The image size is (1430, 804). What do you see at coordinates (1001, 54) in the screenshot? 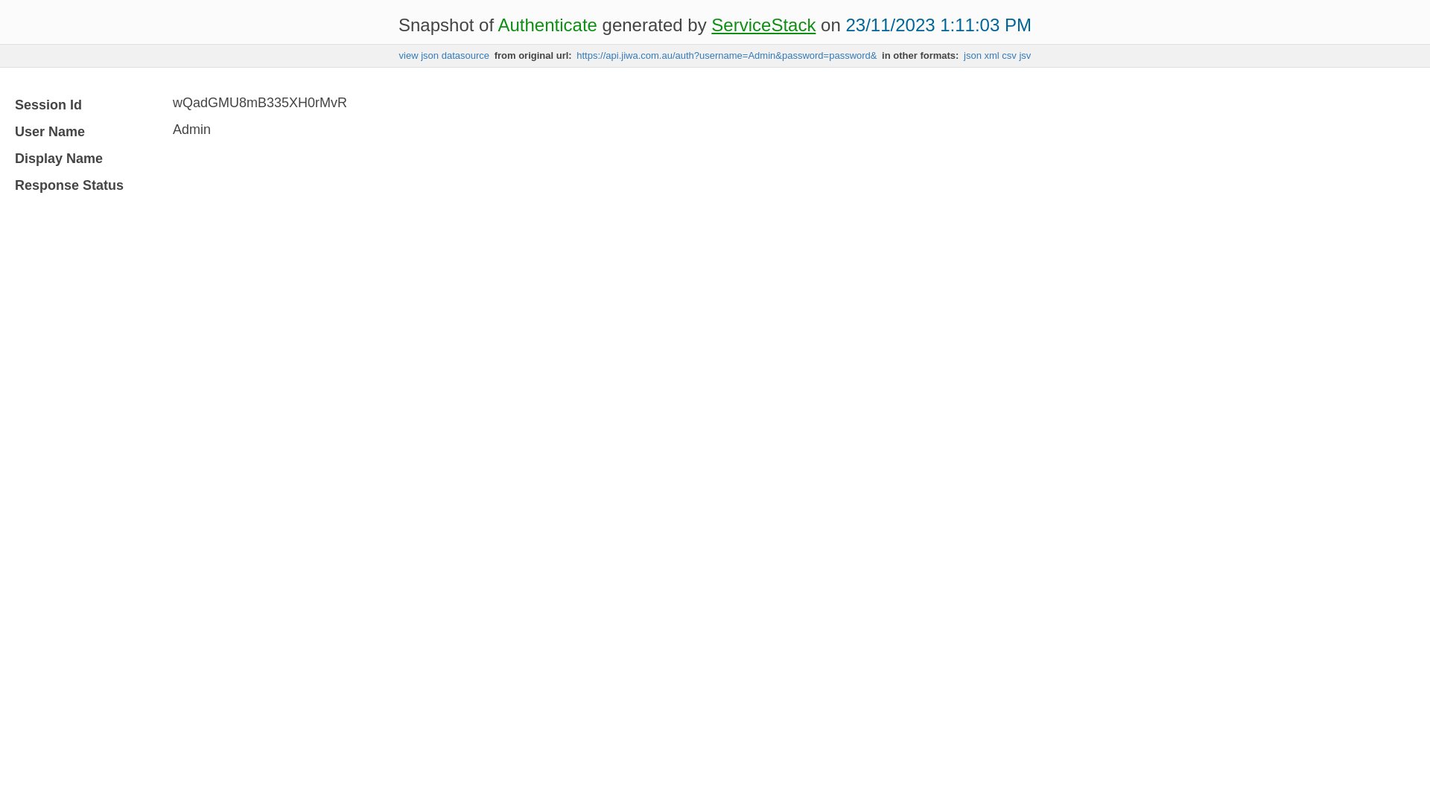
I see `'csv'` at bounding box center [1001, 54].